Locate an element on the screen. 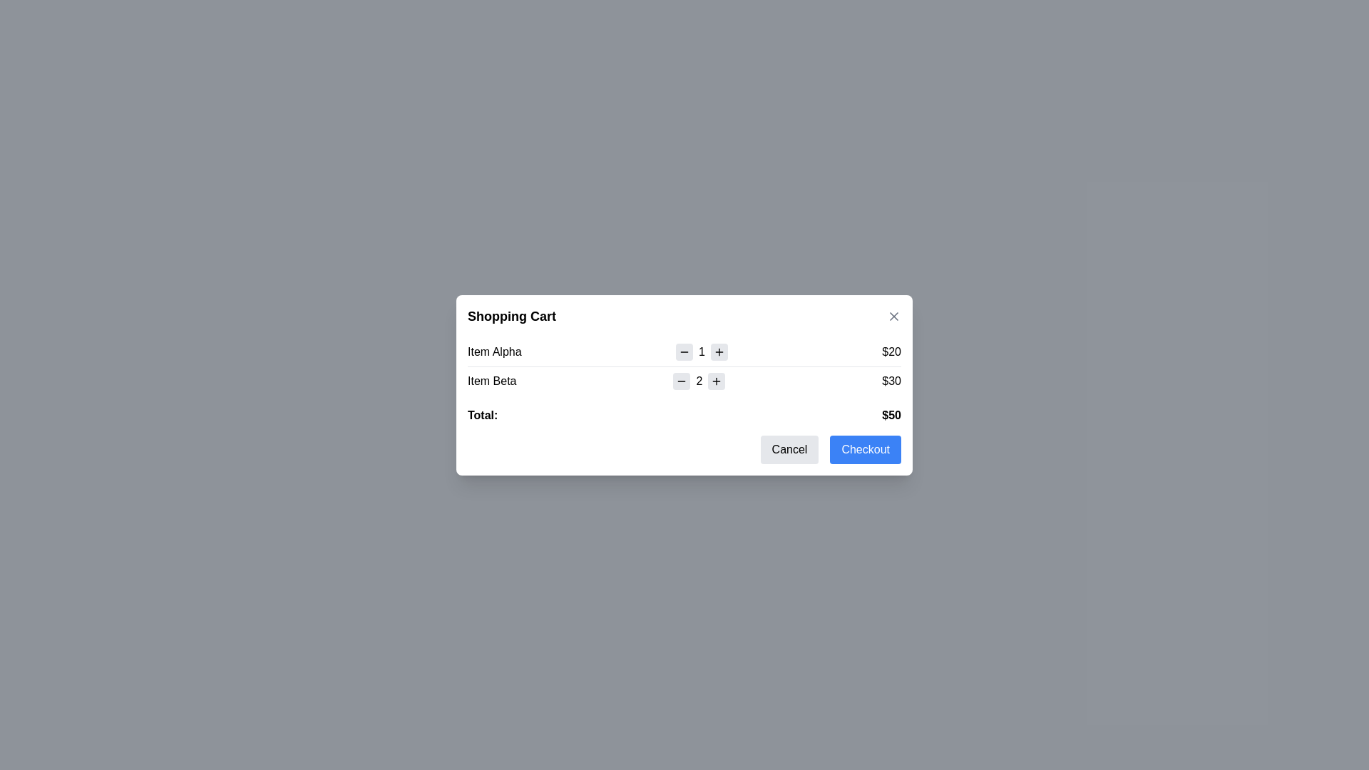 The width and height of the screenshot is (1369, 770). the 'X' shaped close button icon located in the top-right corner of the 'Shopping Cart' modal window is located at coordinates (893, 315).